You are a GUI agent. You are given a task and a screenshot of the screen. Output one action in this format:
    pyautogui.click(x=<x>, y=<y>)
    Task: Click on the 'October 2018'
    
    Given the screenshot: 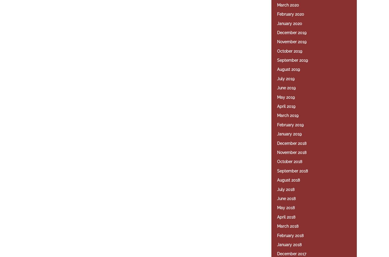 What is the action you would take?
    pyautogui.click(x=289, y=161)
    